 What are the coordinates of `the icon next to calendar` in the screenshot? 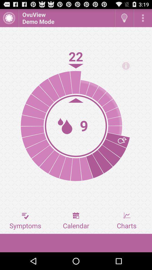 It's located at (126, 221).